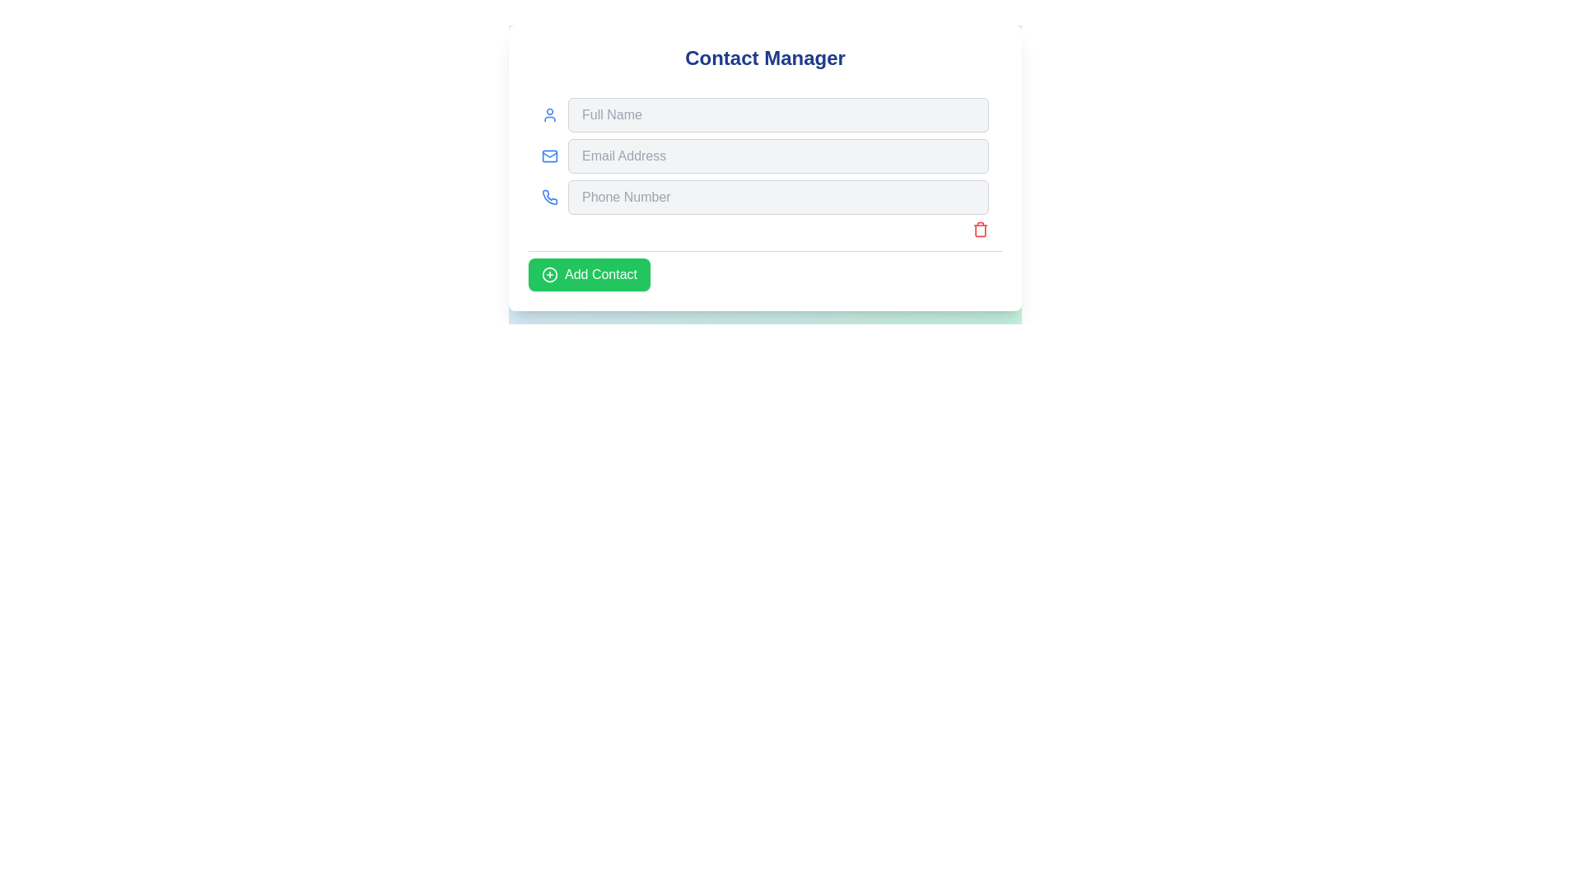 Image resolution: width=1581 pixels, height=889 pixels. What do you see at coordinates (980, 230) in the screenshot?
I see `the main body of the trash can icon used for the delete function in the contact manager interface, which is part of the delete icon positioned to the far right of the phone number input field` at bounding box center [980, 230].